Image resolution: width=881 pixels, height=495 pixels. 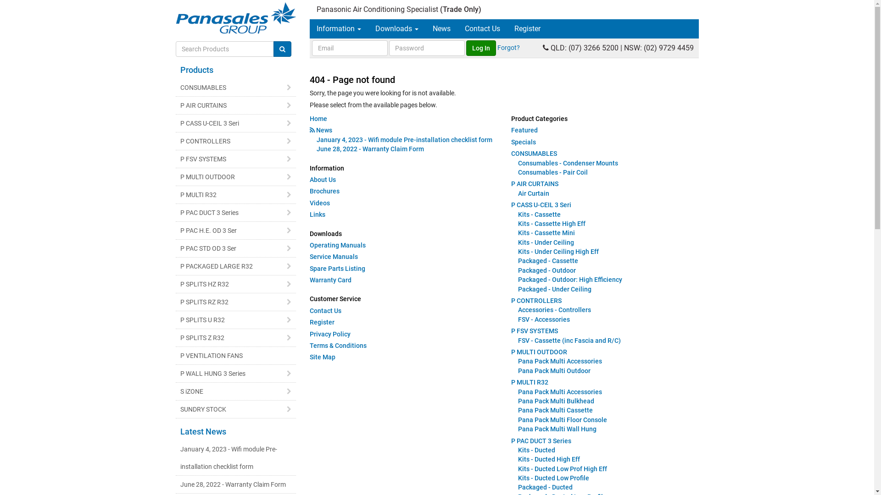 I want to click on 'Pana Pack Multi Bulkhead', so click(x=555, y=401).